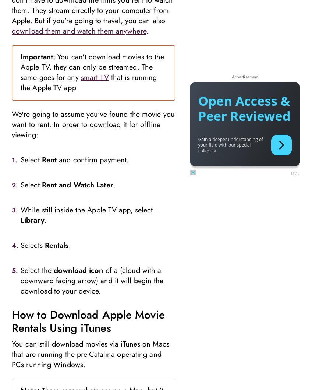 This screenshot has width=312, height=390. I want to click on 'How to Download Apple Movie Rentals Using iTunes', so click(88, 321).